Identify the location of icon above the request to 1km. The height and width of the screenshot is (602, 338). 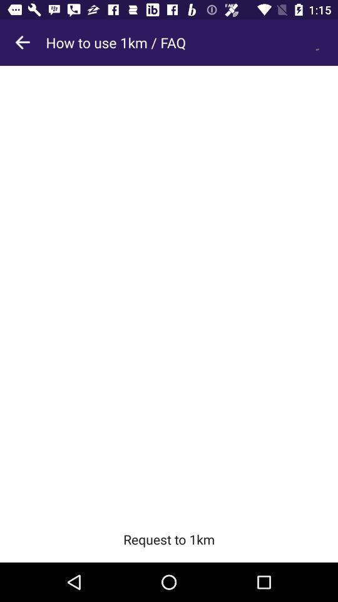
(169, 291).